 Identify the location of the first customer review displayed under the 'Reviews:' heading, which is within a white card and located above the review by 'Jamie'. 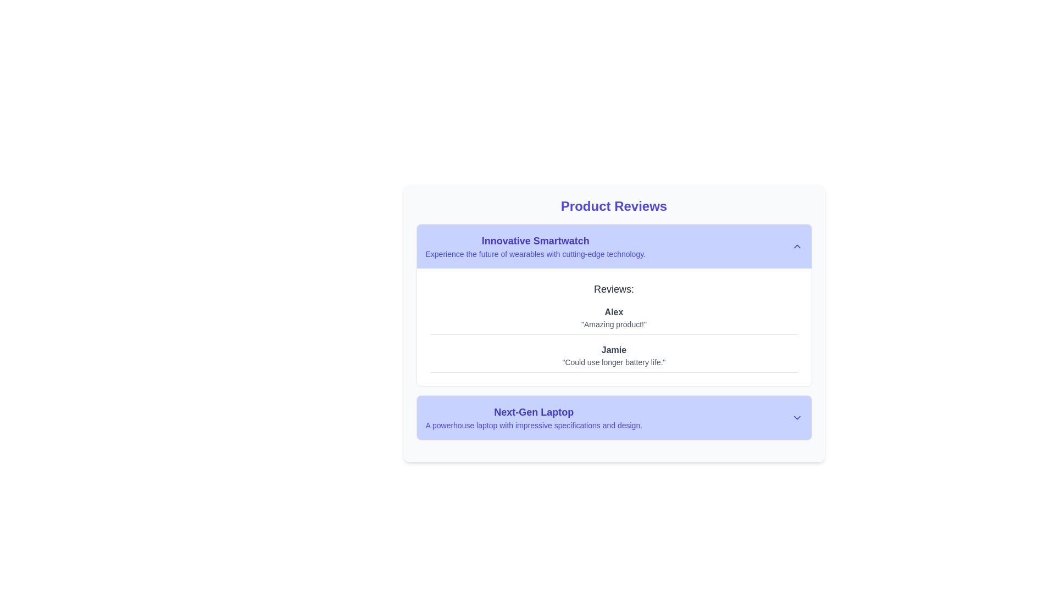
(613, 320).